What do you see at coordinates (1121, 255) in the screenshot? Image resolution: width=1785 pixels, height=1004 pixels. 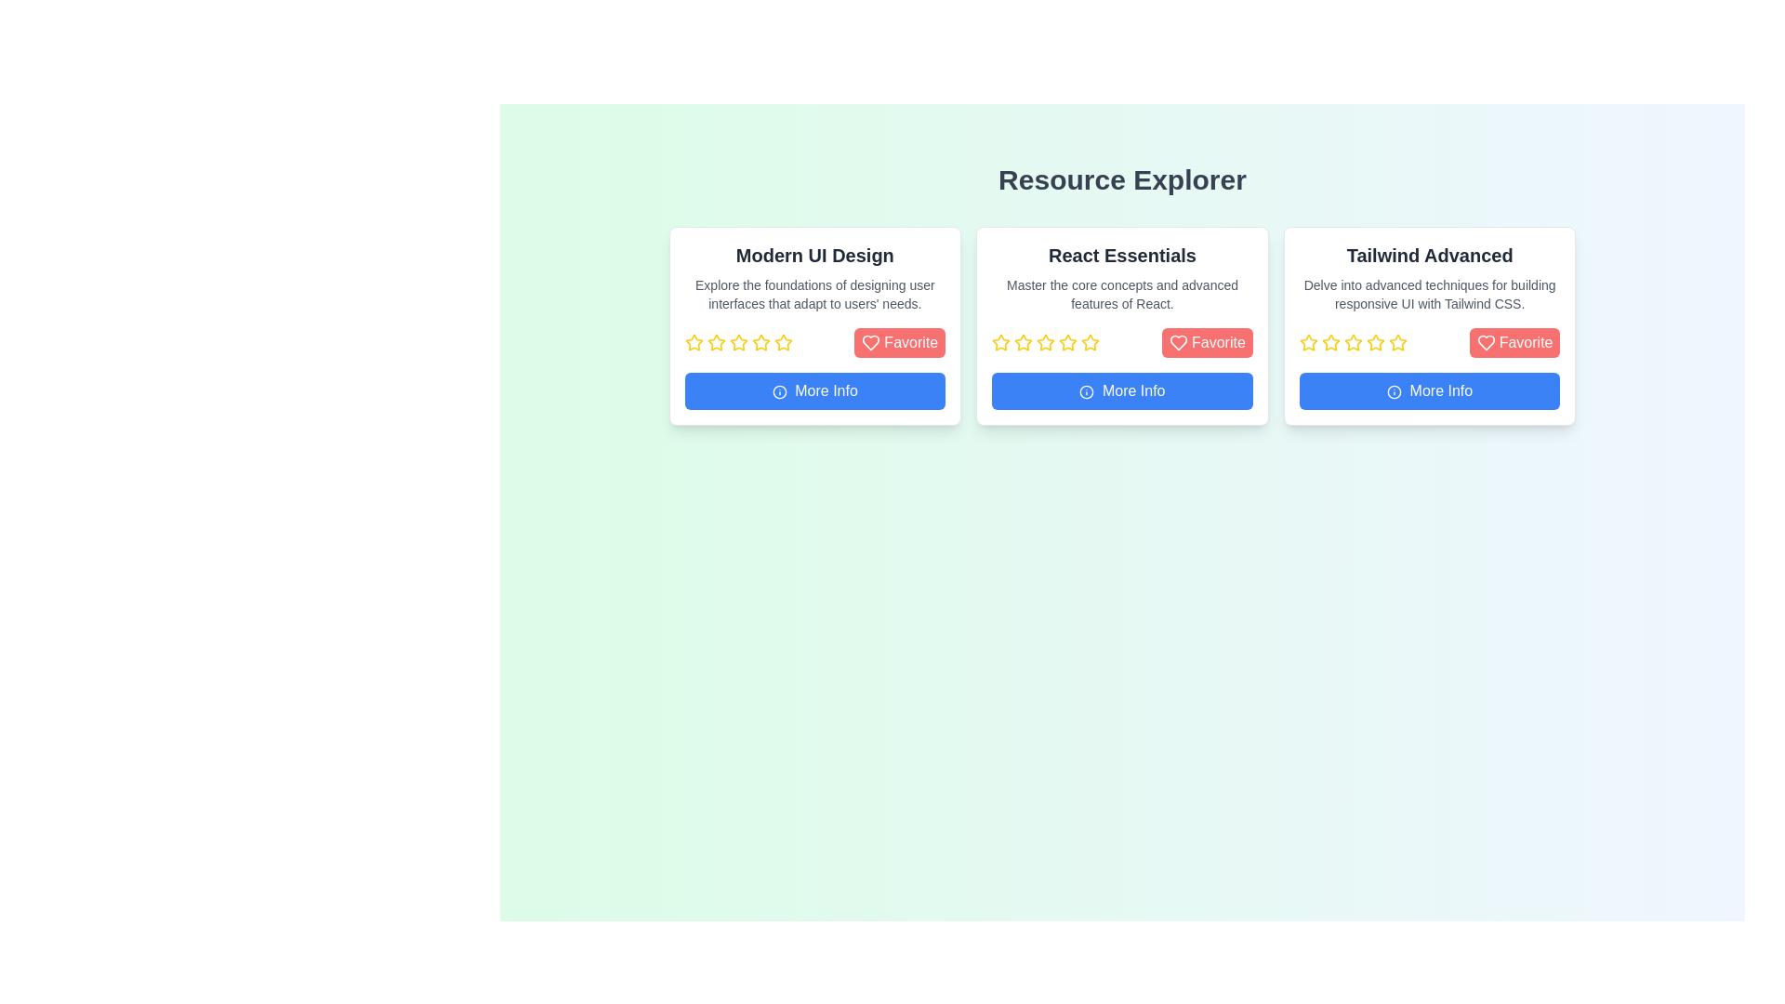 I see `the text heading at the top of the middle card, which describes the title of the resource or module encapsulated within the card` at bounding box center [1121, 255].